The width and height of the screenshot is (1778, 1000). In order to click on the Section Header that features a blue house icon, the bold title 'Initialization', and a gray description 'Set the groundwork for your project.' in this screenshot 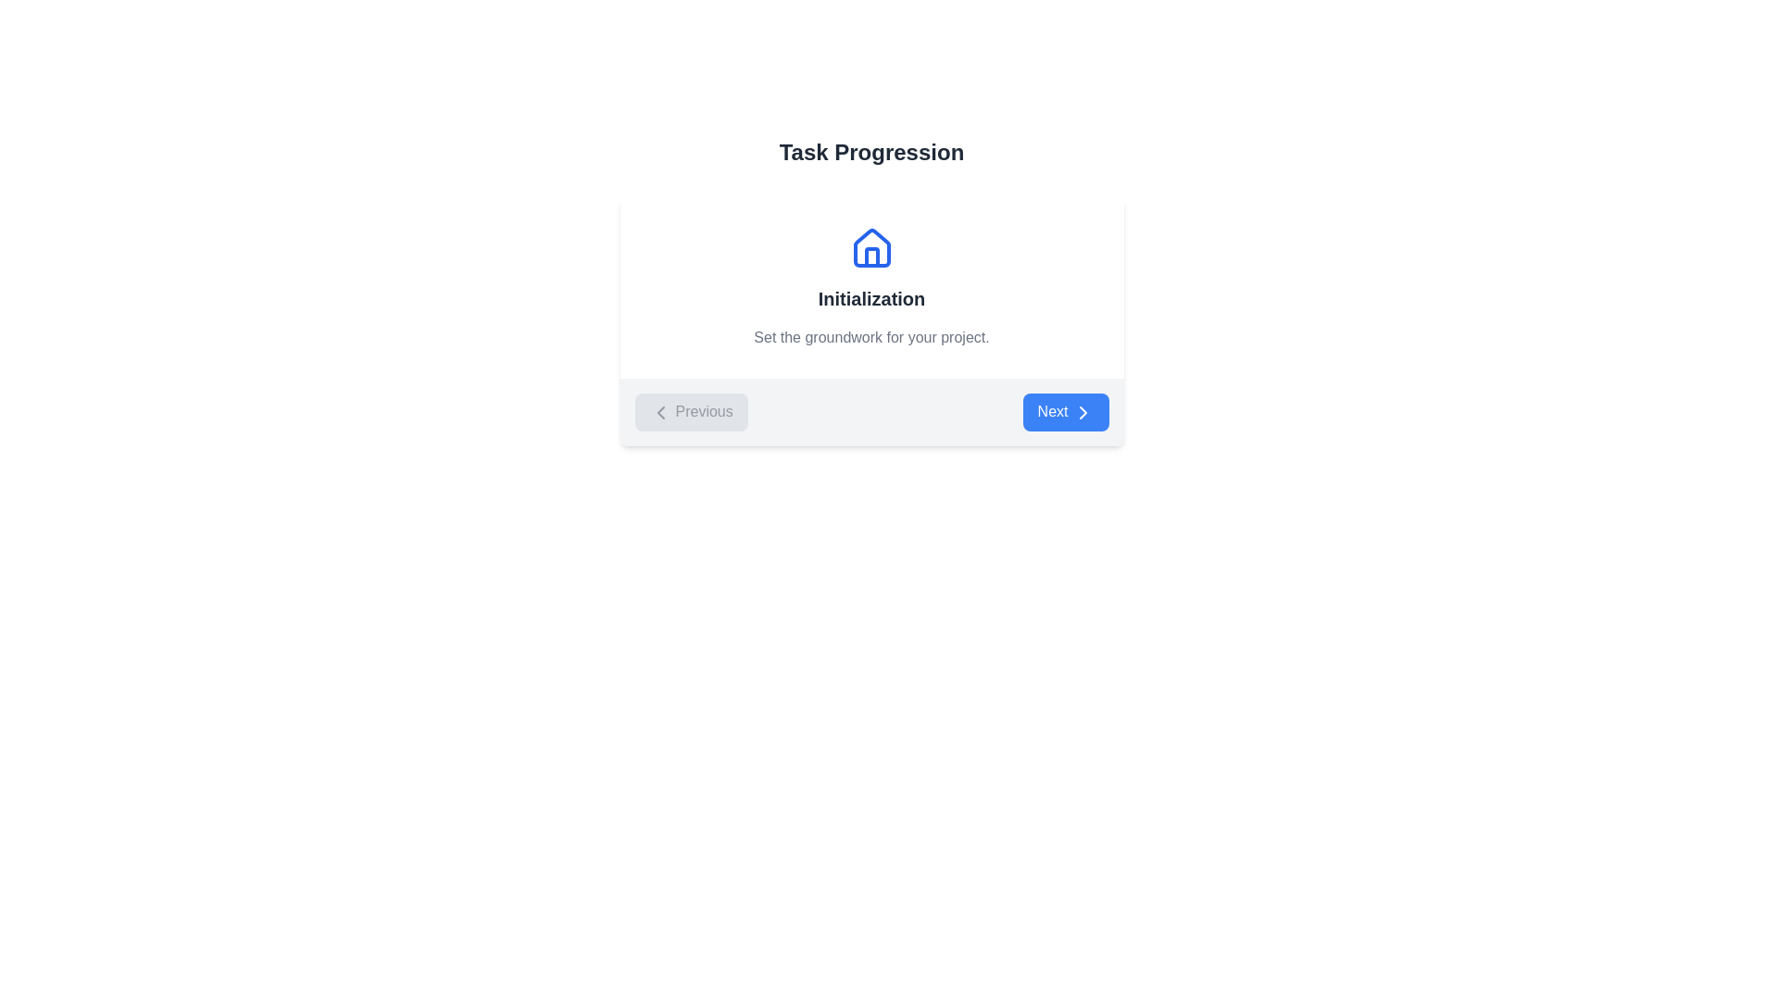, I will do `click(870, 288)`.